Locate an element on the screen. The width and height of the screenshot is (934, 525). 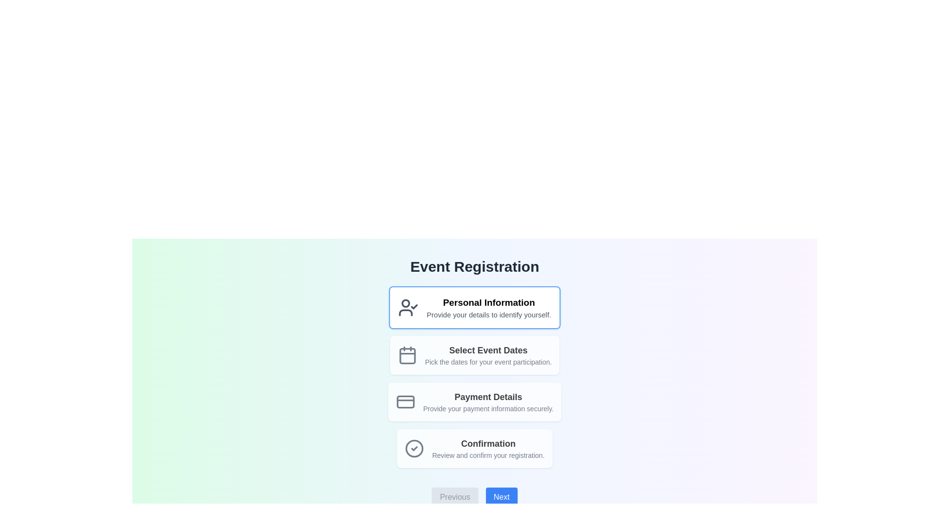
the header element that serves as a title and description for entering personal information in the event registration section, located at the top of the vertical list of options is located at coordinates (489, 307).